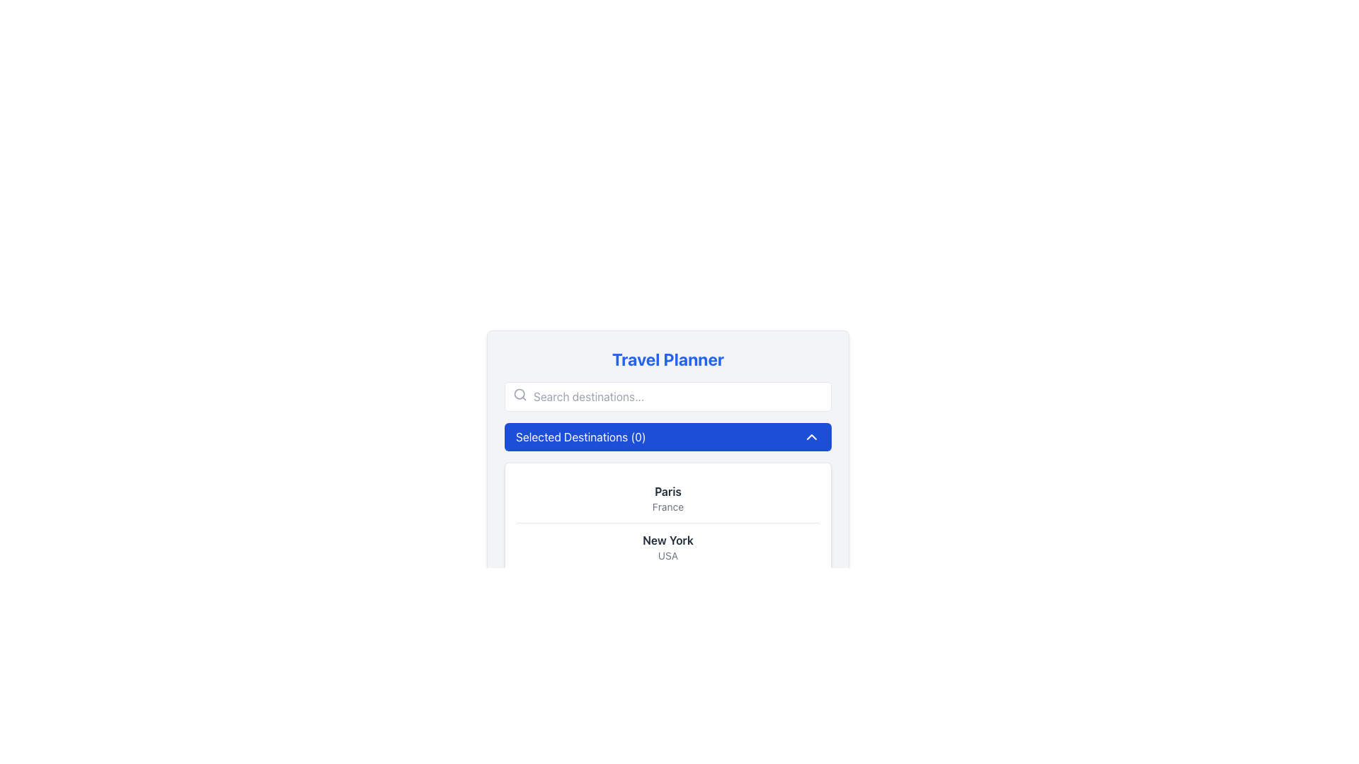 Image resolution: width=1359 pixels, height=764 pixels. What do you see at coordinates (667, 507) in the screenshot?
I see `the informational Text Label that specifies the country 'France' in the 'Selected Destinations' section, which is positioned below 'Paris'` at bounding box center [667, 507].